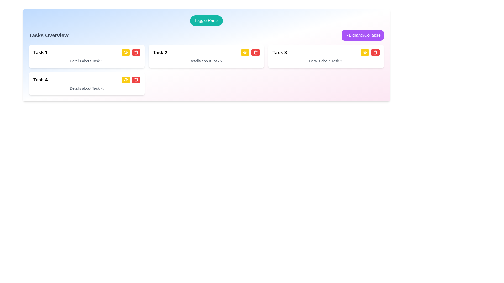 This screenshot has height=283, width=504. I want to click on the SVG chevron (up arrow) icon inside the 'Expand/Collapse' button located at the top-right with a purple background and white text, so click(346, 35).